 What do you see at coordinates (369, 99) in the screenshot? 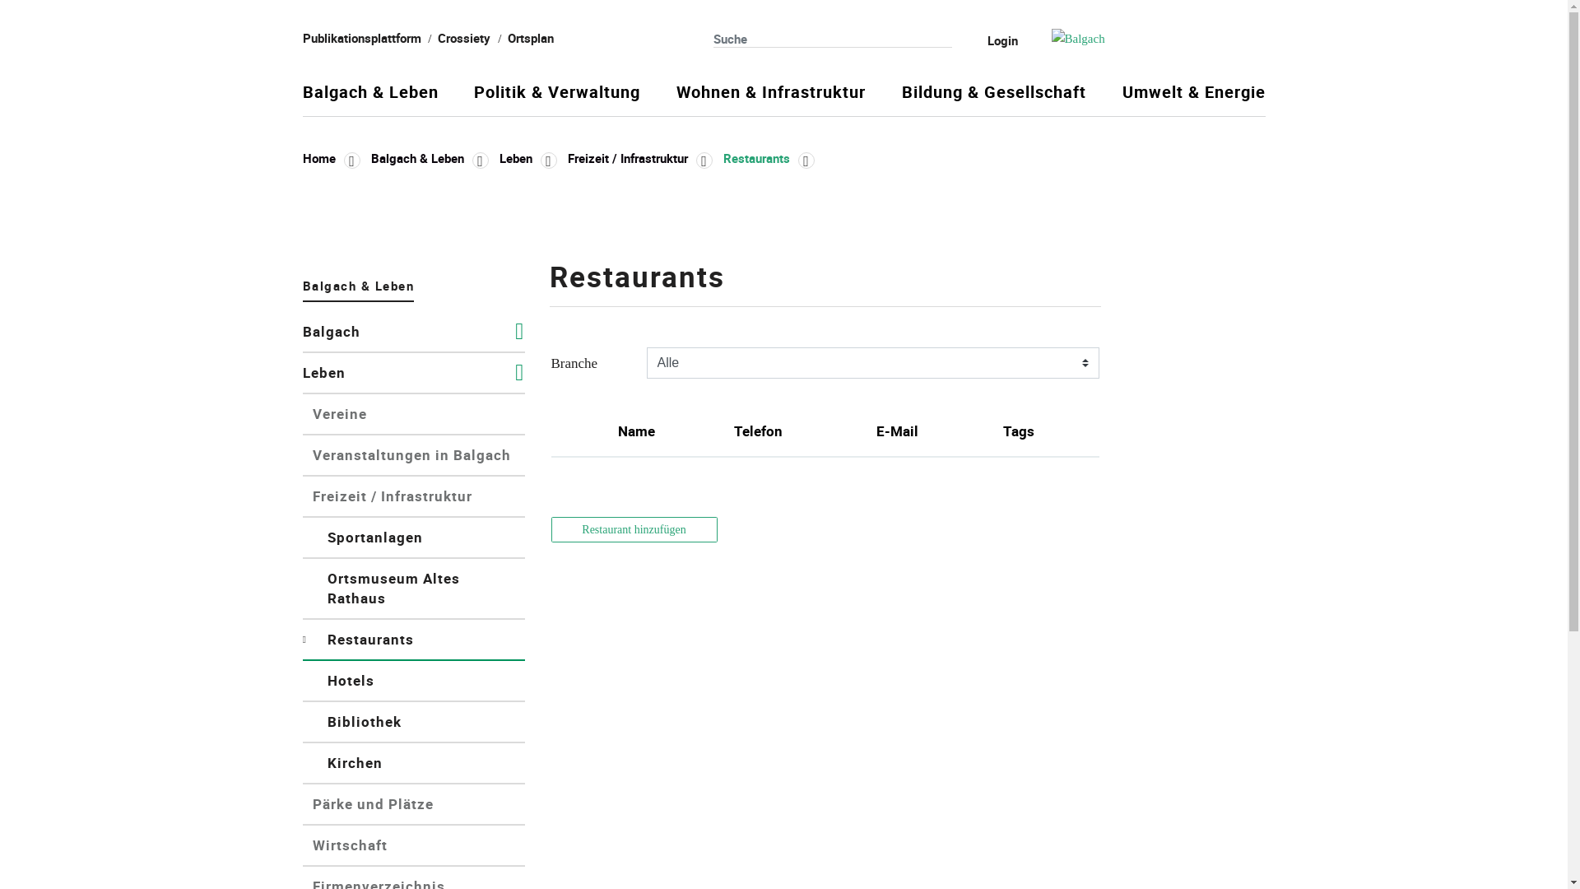
I see `'Balgach & Leben'` at bounding box center [369, 99].